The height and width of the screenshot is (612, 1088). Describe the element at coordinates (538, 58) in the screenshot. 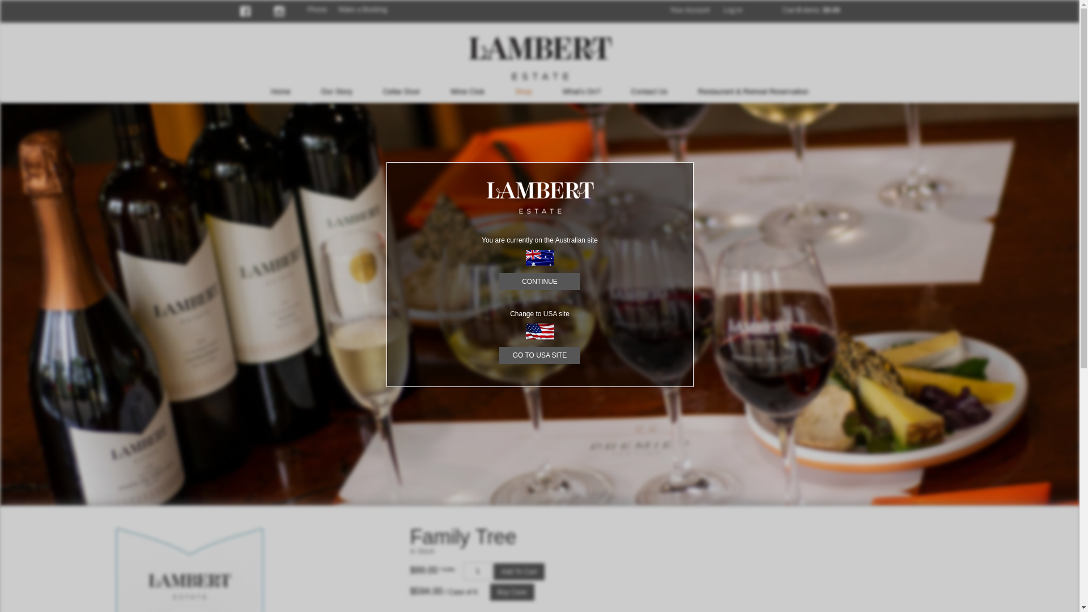

I see `'Lambert Estate Wines PTY LTD'` at that location.